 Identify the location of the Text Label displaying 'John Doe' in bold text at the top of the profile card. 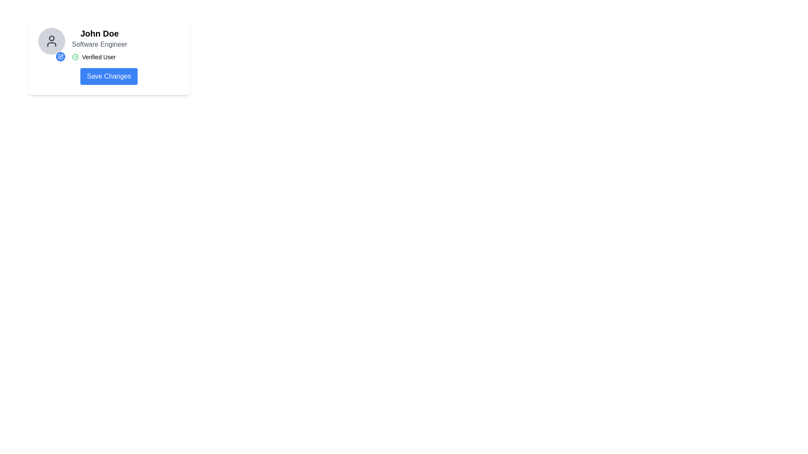
(99, 33).